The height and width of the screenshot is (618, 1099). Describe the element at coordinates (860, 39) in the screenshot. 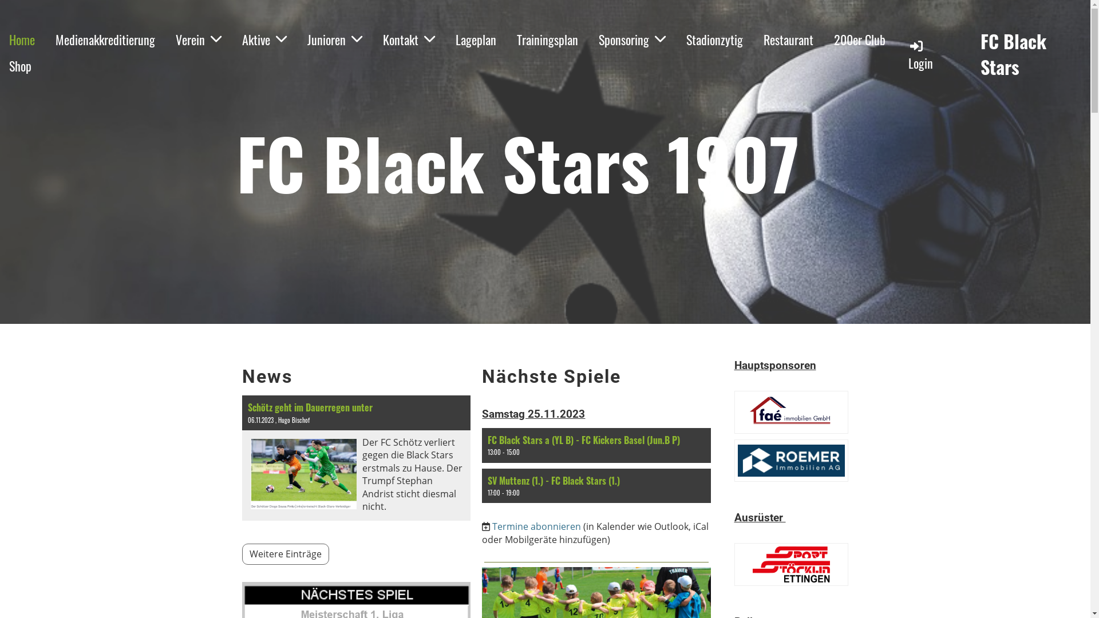

I see `'200er Club'` at that location.